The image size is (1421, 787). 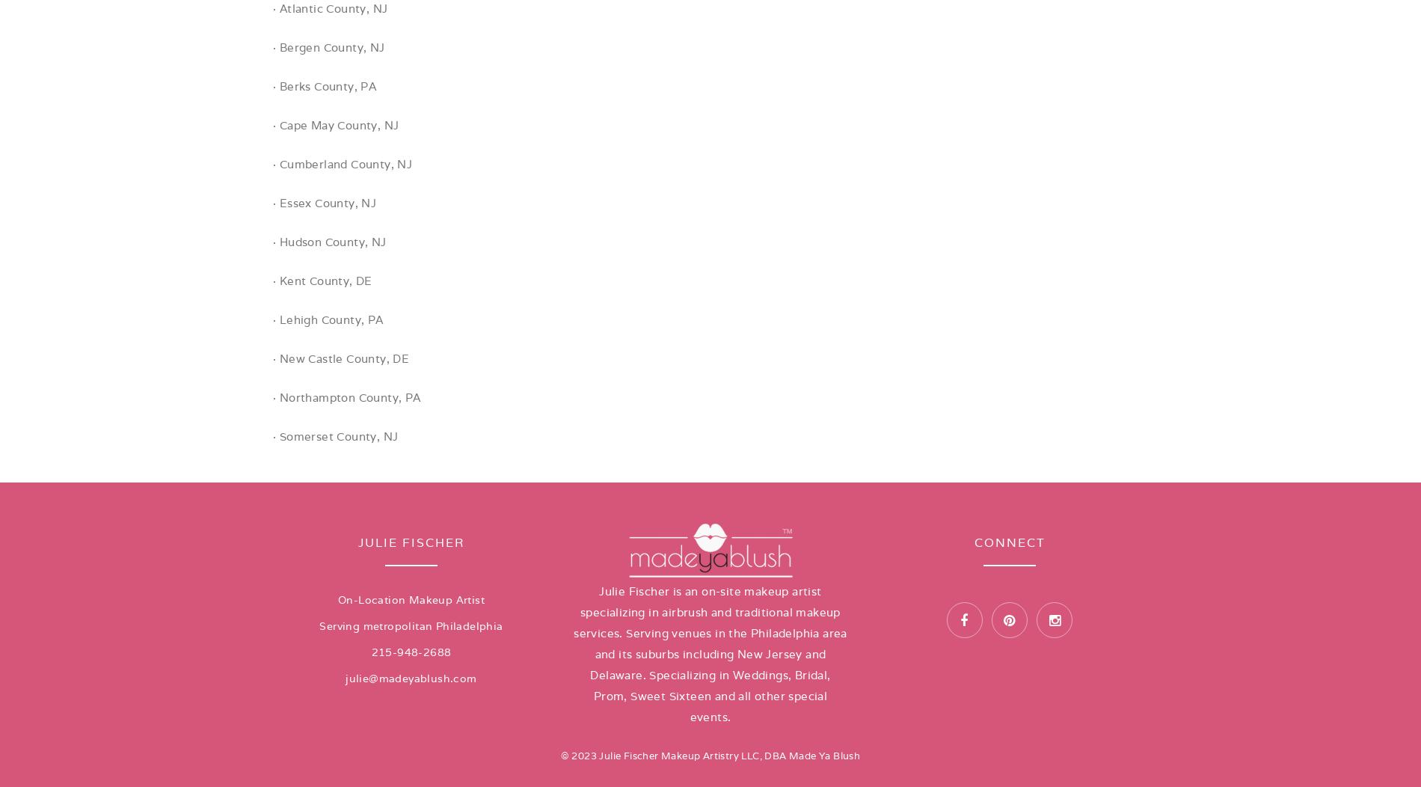 What do you see at coordinates (411, 598) in the screenshot?
I see `'On-Location Makeup Artist'` at bounding box center [411, 598].